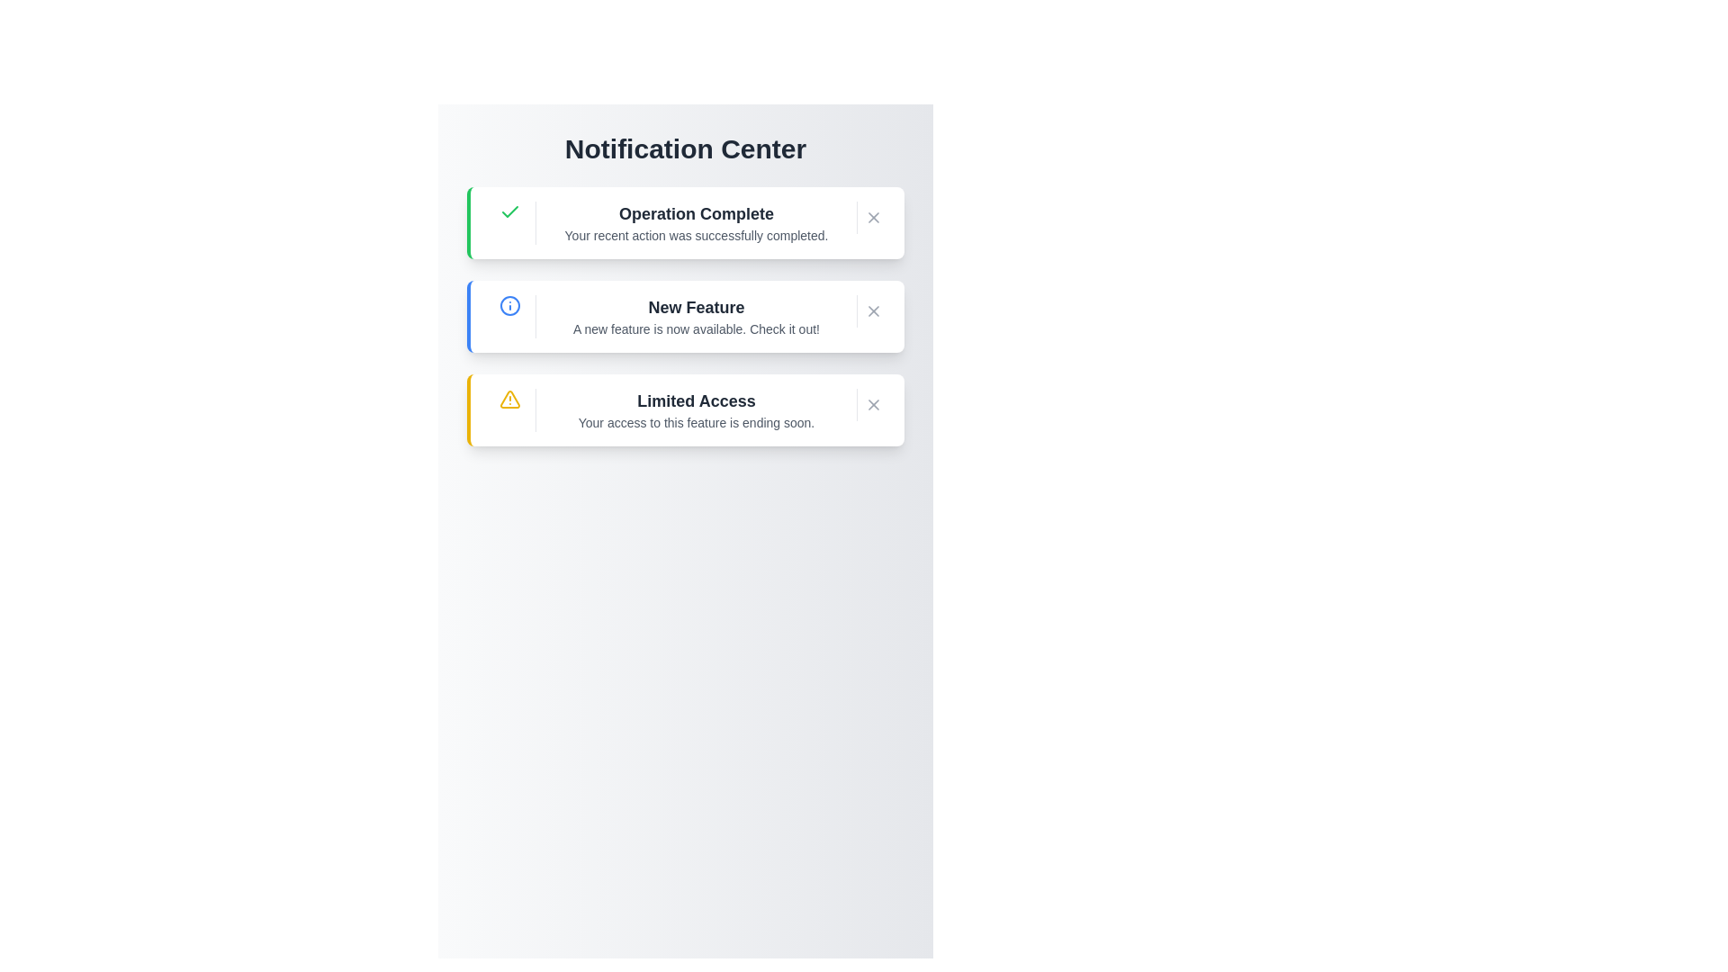 The width and height of the screenshot is (1728, 972). What do you see at coordinates (873, 405) in the screenshot?
I see `the close icon button resembling the letter 'X' in the upper-right corner of the 'Limited Access' notification card` at bounding box center [873, 405].